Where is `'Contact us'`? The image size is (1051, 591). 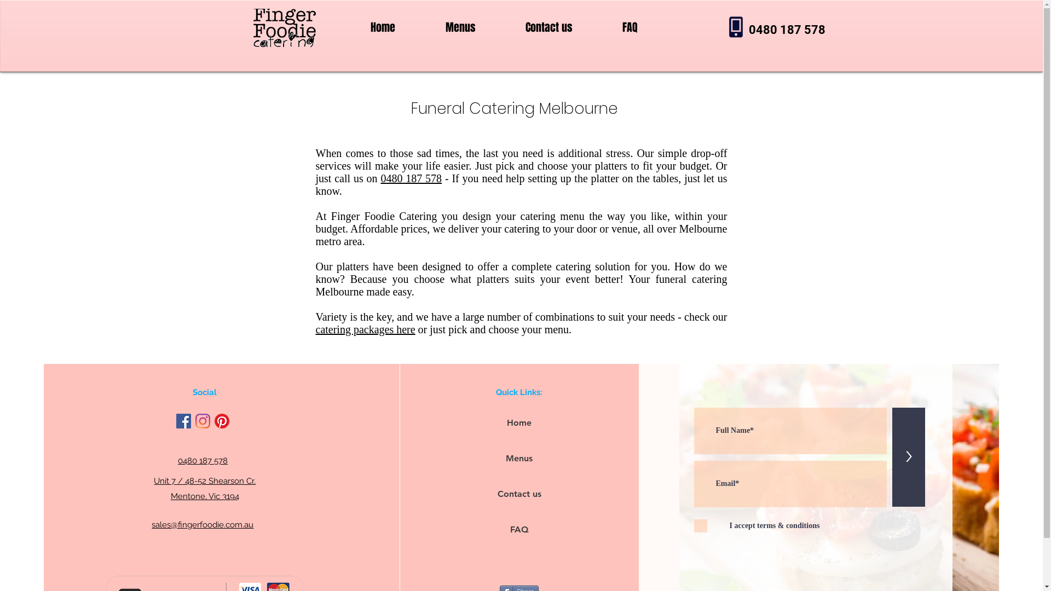 'Contact us' is located at coordinates (519, 494).